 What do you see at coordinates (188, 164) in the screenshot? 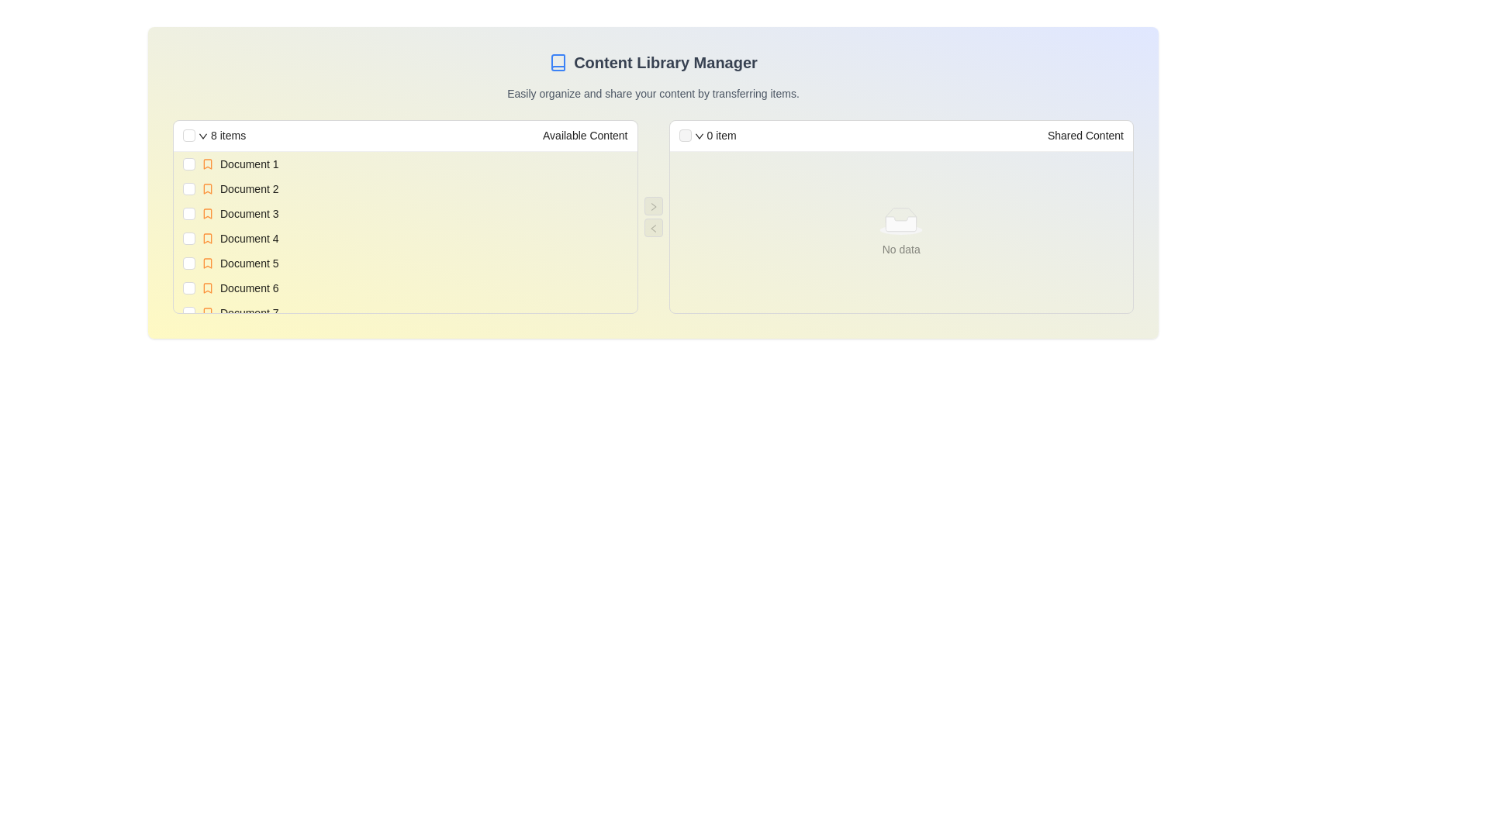
I see `the checkbox for 'Document 1'` at bounding box center [188, 164].